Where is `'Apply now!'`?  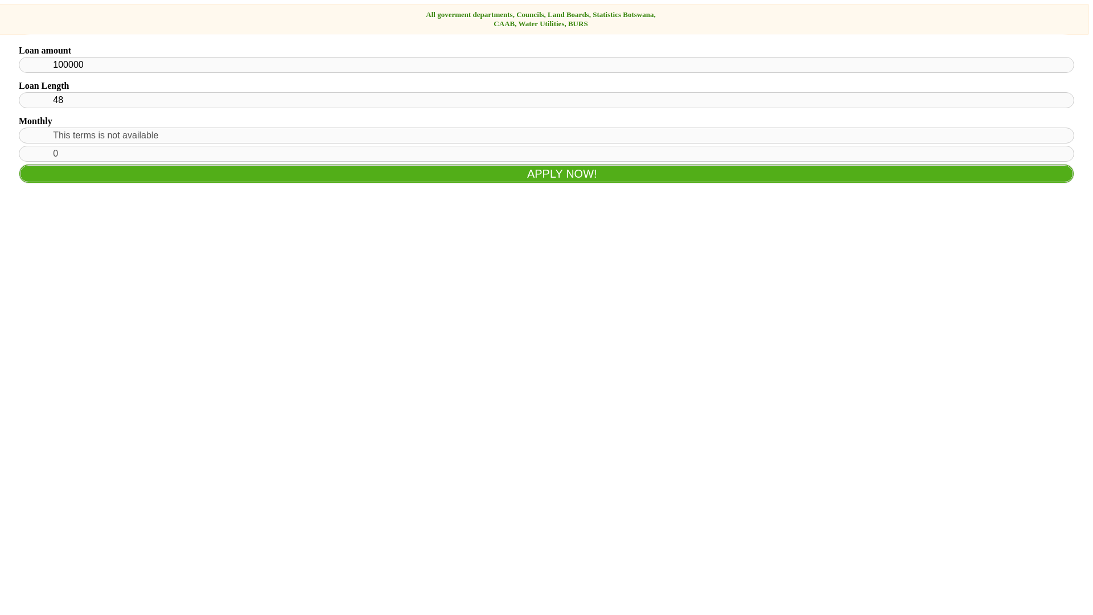 'Apply now!' is located at coordinates (546, 173).